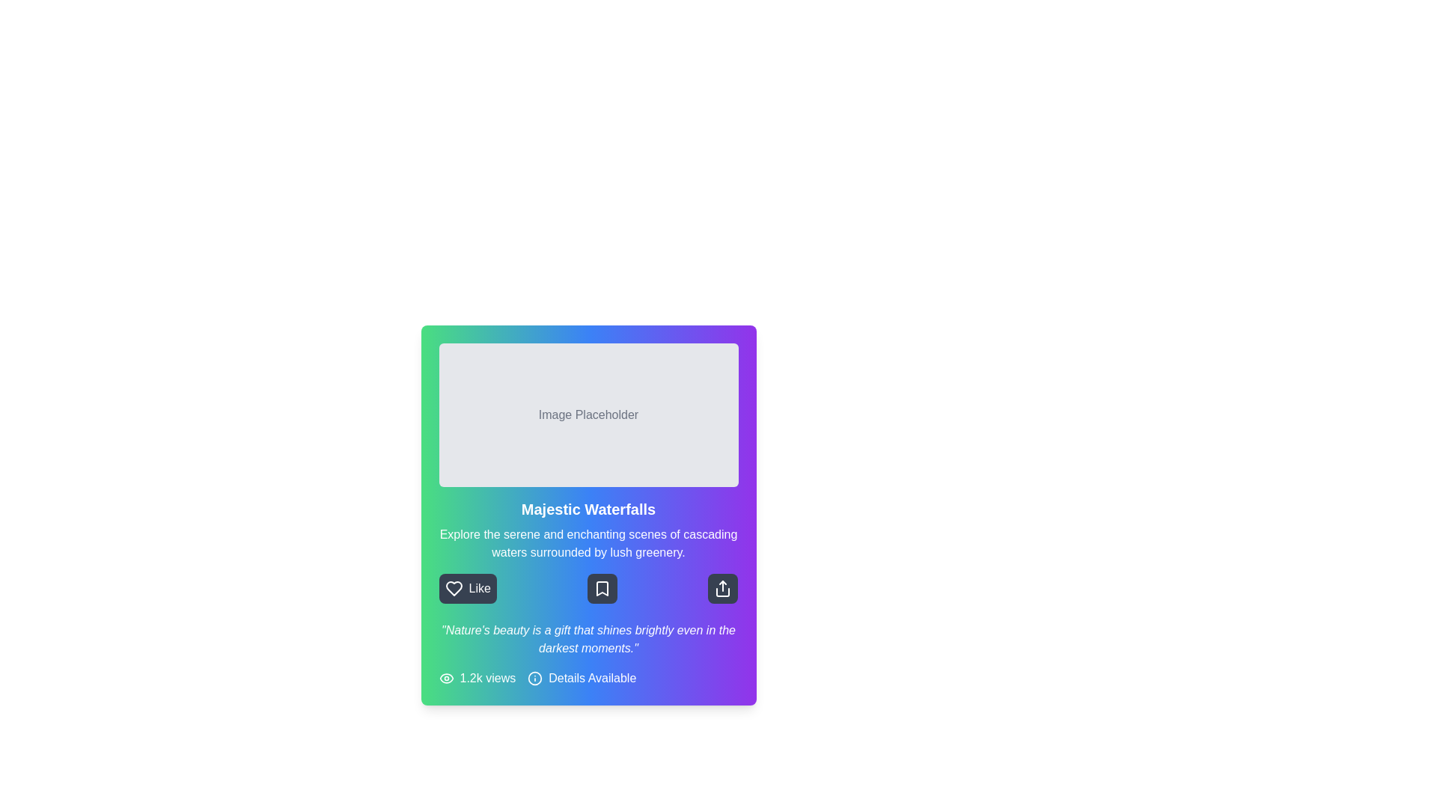 The height and width of the screenshot is (808, 1437). What do you see at coordinates (480, 587) in the screenshot?
I see `the 'Like' text label located to the right of the heart icon at the bottom-left corner of the panel` at bounding box center [480, 587].